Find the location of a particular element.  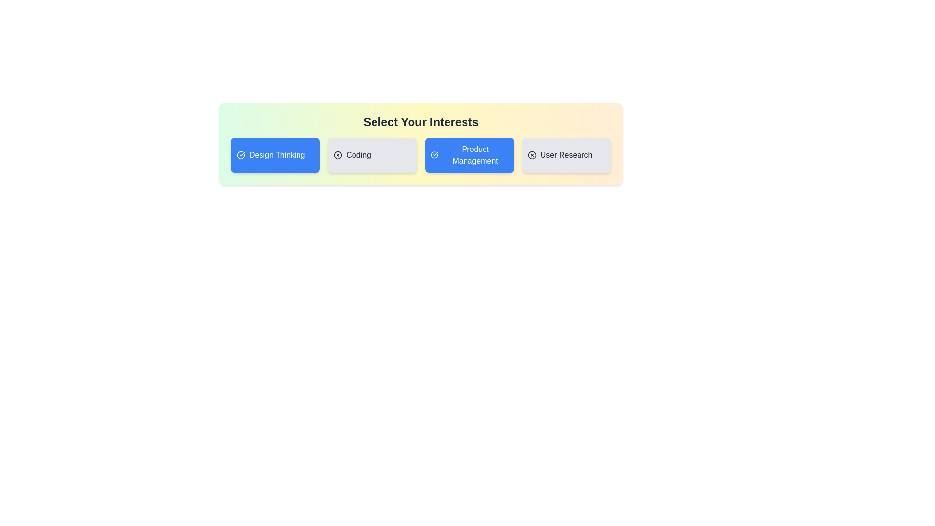

the chip labeled User Research is located at coordinates (566, 155).